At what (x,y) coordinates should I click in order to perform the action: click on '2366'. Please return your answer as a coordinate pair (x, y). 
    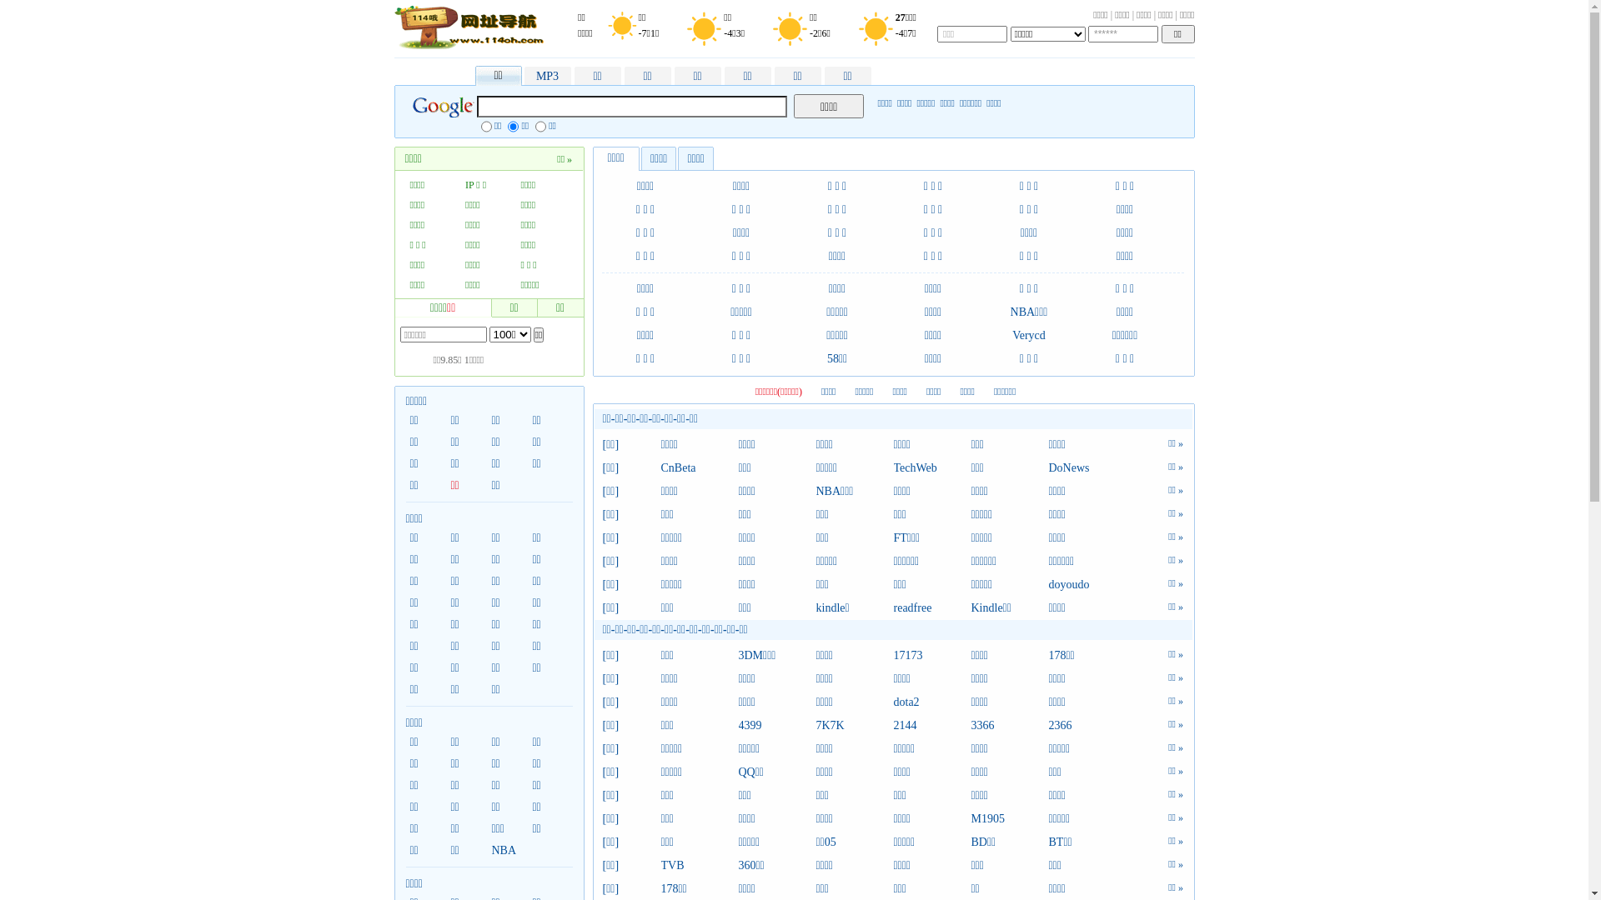
    Looking at the image, I should click on (1087, 725).